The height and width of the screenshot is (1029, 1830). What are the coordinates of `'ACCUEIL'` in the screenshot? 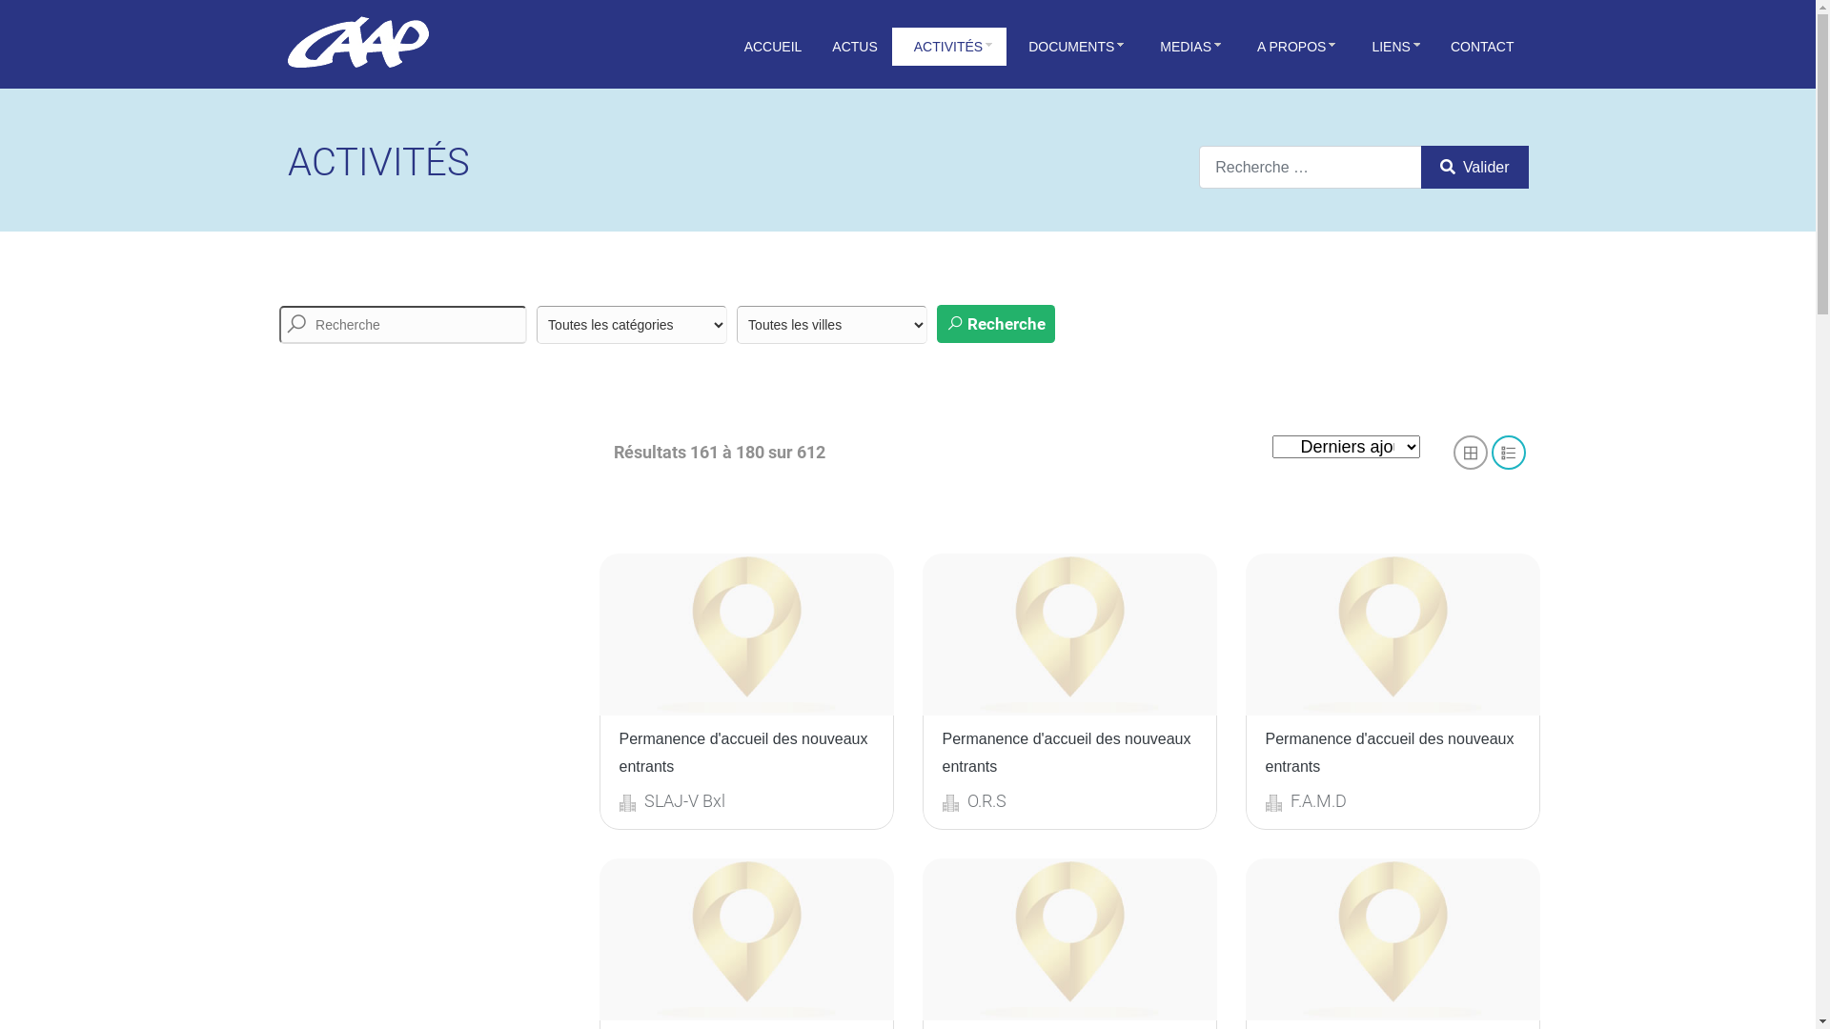 It's located at (772, 46).